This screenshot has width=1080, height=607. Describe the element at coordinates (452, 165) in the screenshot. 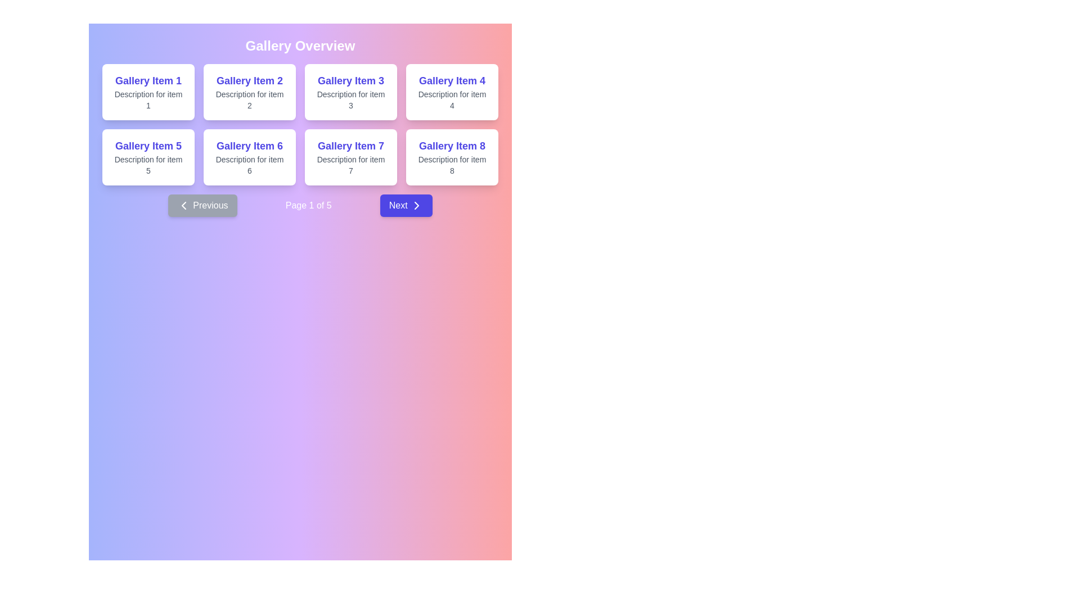

I see `the Text label that provides a descriptive summary for the gallery item located at the bottom center of the card labeled 'Gallery Item 8', which is the fourth card in the second row on the rightmost side of the layout` at that location.